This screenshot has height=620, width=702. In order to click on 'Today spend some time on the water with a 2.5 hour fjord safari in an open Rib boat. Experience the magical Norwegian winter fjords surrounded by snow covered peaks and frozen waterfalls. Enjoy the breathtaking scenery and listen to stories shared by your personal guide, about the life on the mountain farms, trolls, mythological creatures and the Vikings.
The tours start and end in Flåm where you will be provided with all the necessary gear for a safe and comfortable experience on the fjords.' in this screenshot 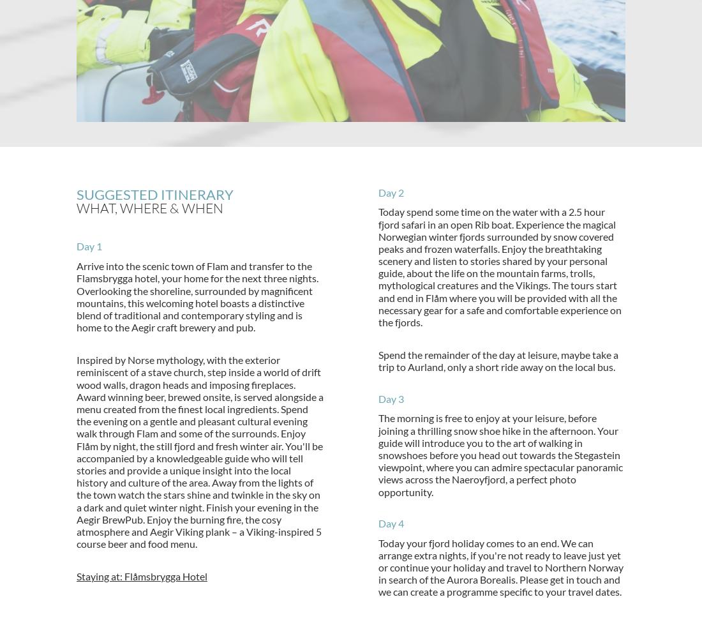, I will do `click(500, 266)`.